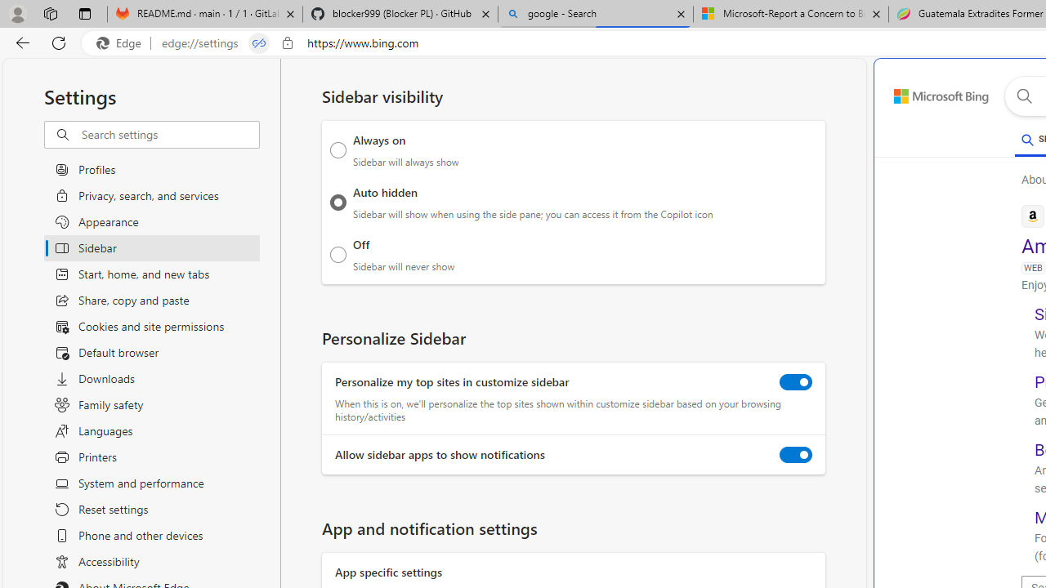 This screenshot has width=1046, height=588. I want to click on 'Always on Sidebar will always show', so click(337, 149).